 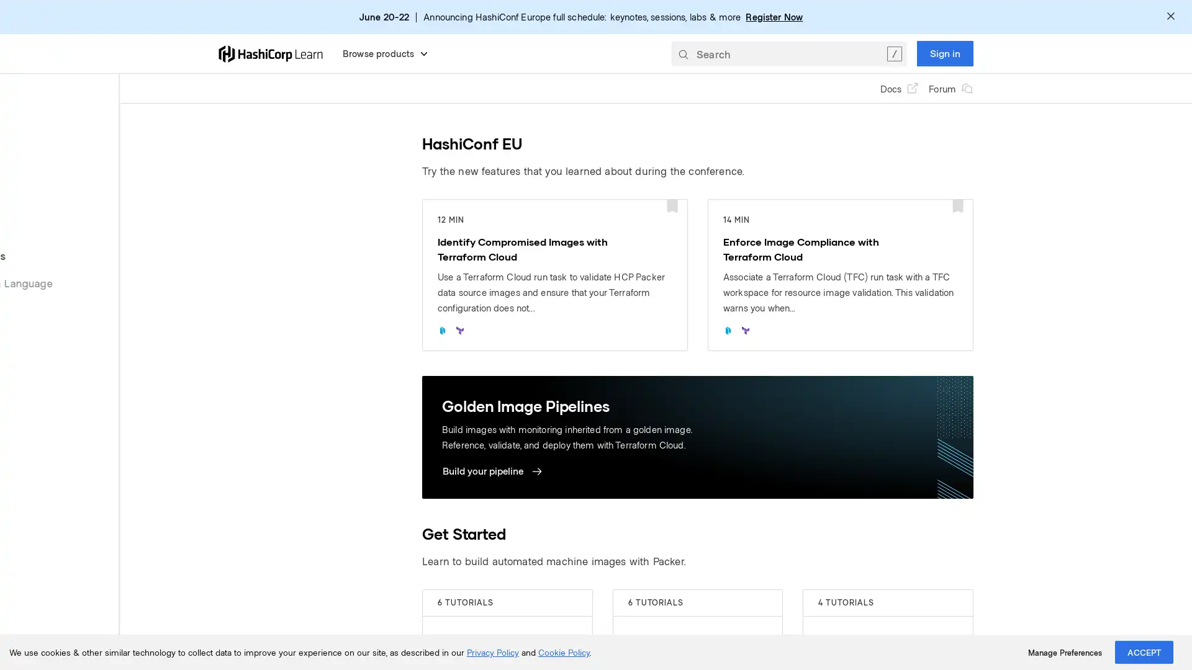 I want to click on ACCEPT, so click(x=1144, y=651).